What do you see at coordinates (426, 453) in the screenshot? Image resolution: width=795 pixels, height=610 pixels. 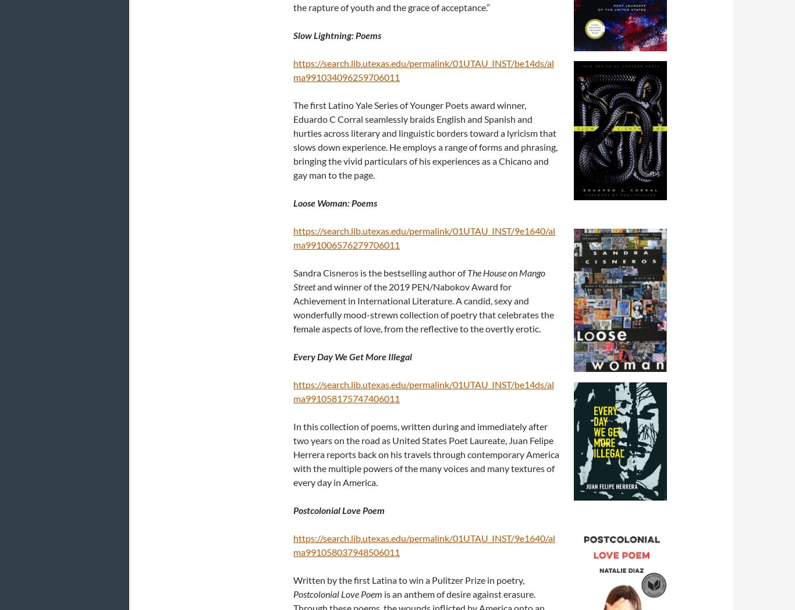 I see `'In this collection of poems, written during and immediately after two years on the road as United States Poet Laureate, Juan Felipe Herrera reports back on his travels through contemporary America with the multiple powers of the many voices and many textures of every day in America.'` at bounding box center [426, 453].